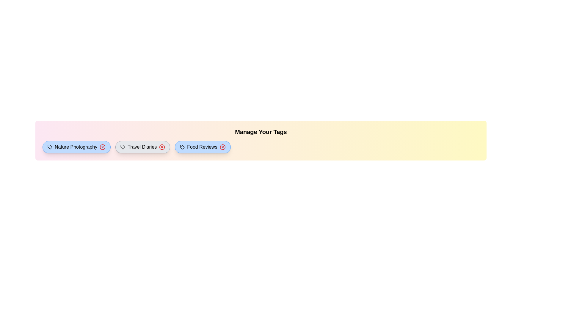 The height and width of the screenshot is (321, 571). Describe the element at coordinates (76, 147) in the screenshot. I see `the tag labeled 'Nature Photography' by clicking on it` at that location.